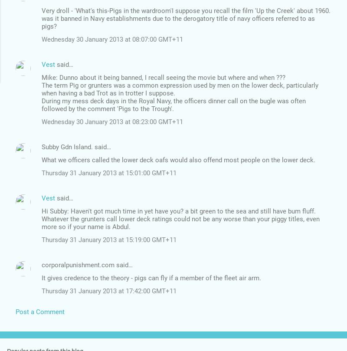 The image size is (347, 351). Describe the element at coordinates (179, 210) in the screenshot. I see `'Hi Subby: Haven't got much time in yet have you? a bit green to the sea and still have bum fluff.'` at that location.